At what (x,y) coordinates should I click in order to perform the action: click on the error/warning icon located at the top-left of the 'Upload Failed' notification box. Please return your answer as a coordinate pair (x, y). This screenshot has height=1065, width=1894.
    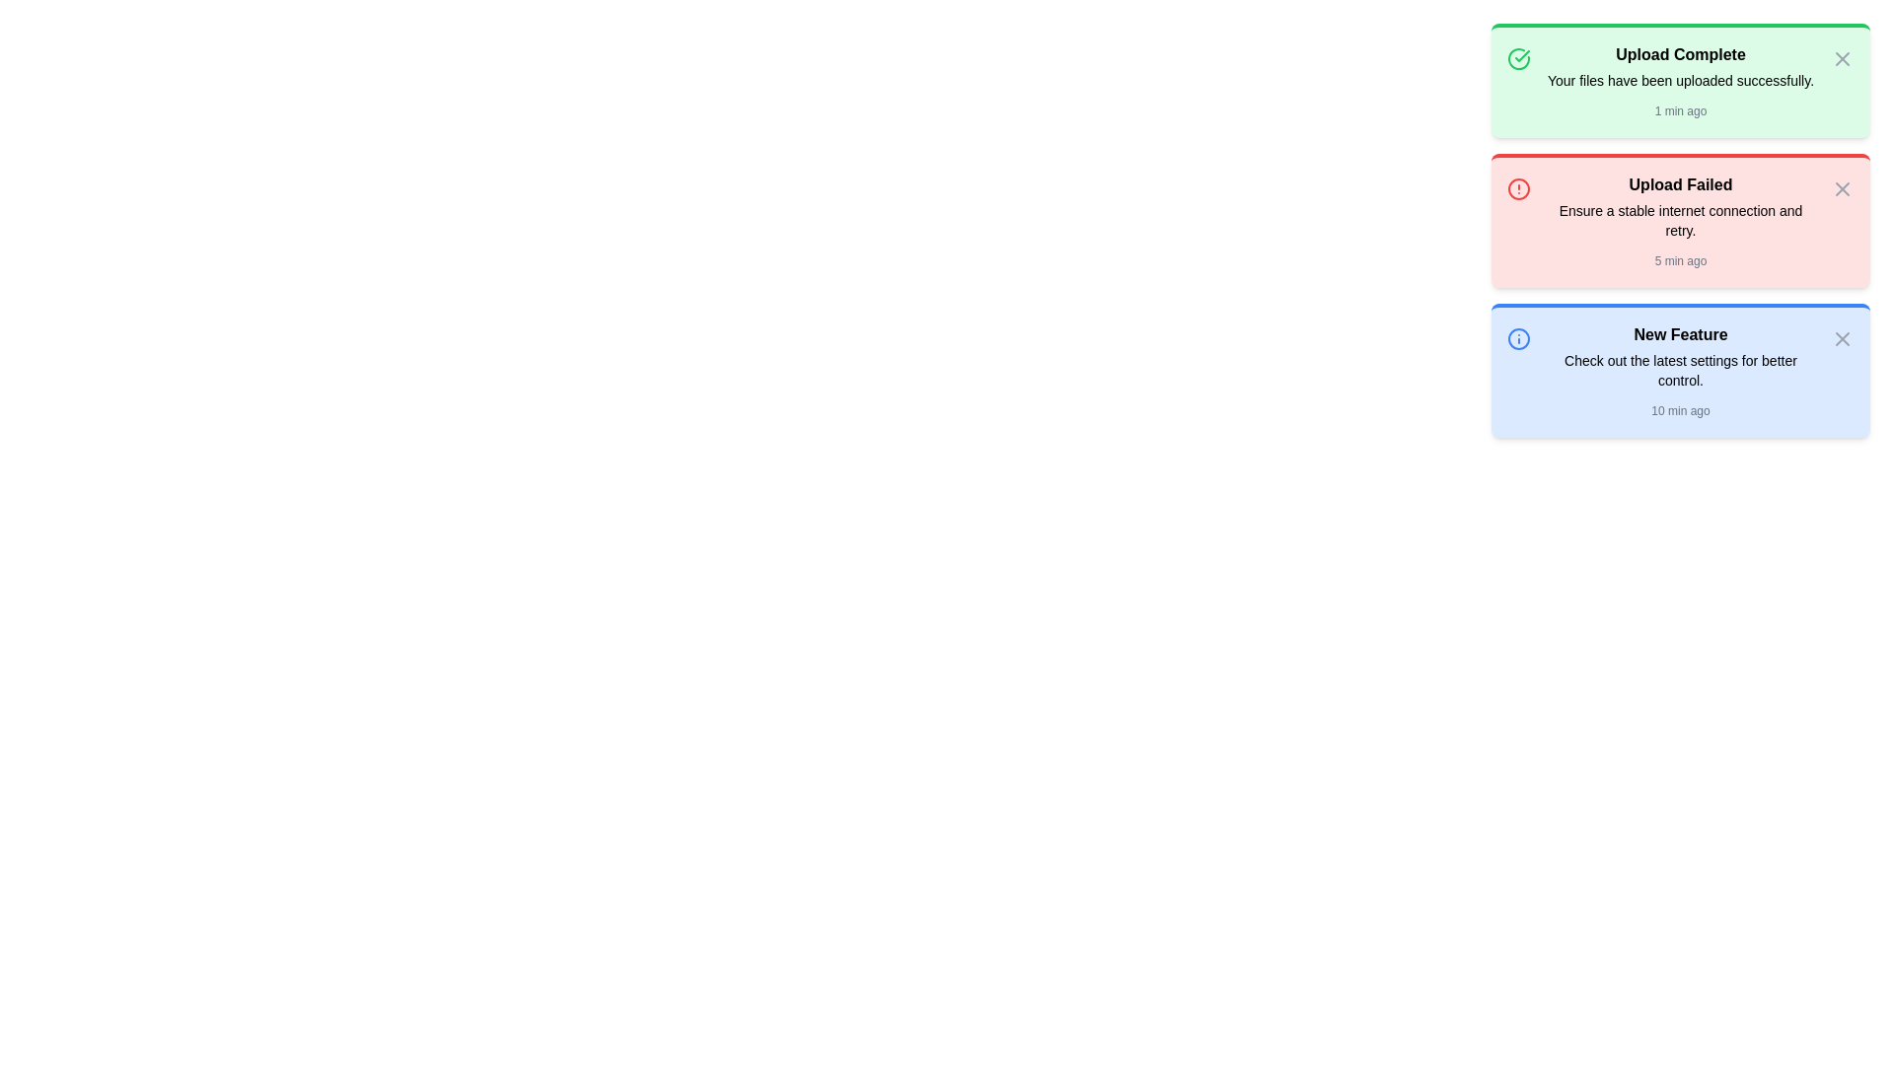
    Looking at the image, I should click on (1518, 189).